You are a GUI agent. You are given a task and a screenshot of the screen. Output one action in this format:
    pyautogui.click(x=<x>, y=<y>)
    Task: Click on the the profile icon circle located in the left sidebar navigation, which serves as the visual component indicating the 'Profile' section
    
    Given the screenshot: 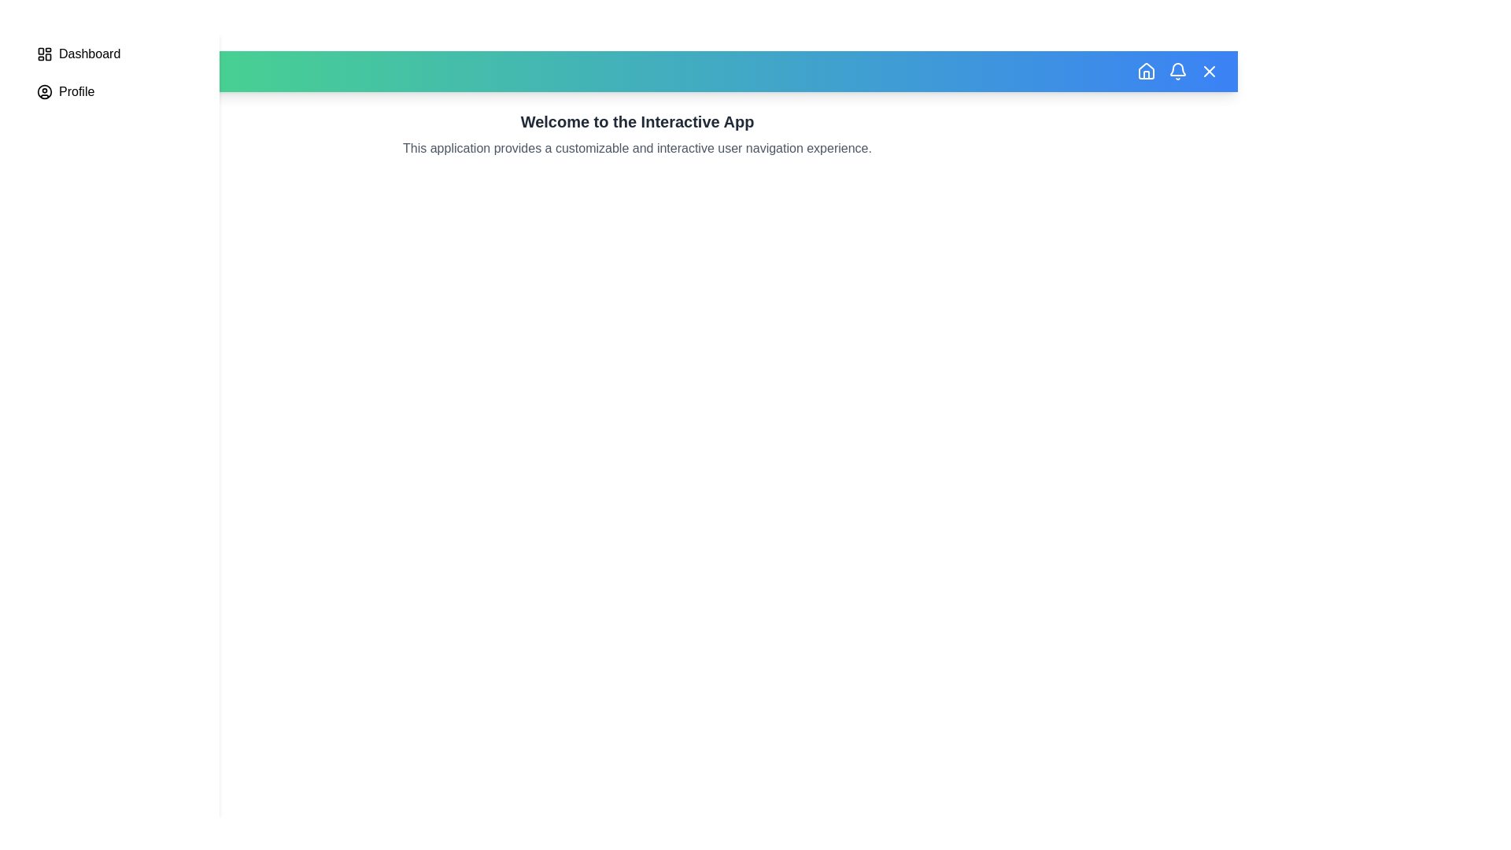 What is the action you would take?
    pyautogui.click(x=45, y=91)
    